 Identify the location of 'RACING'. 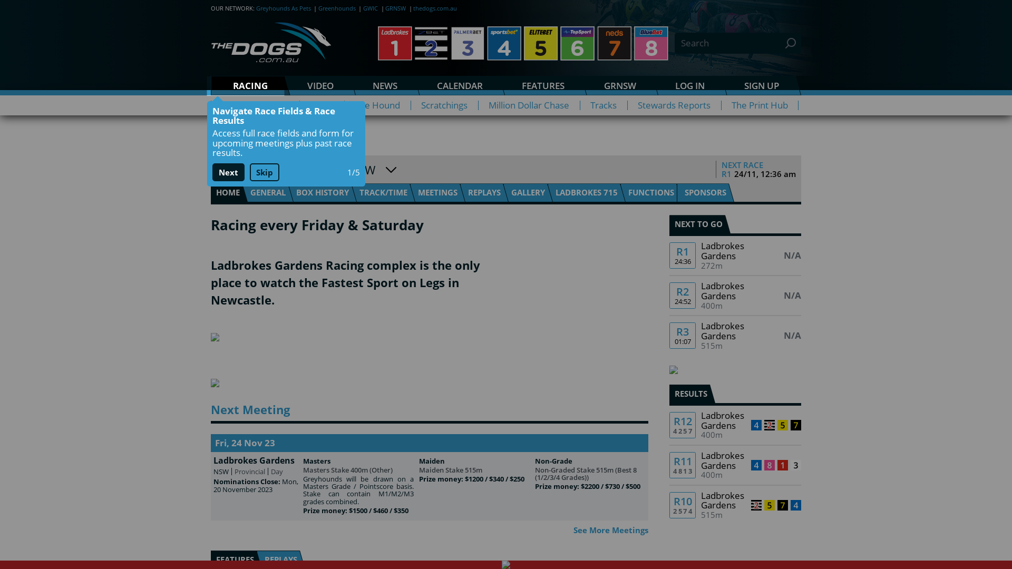
(210, 85).